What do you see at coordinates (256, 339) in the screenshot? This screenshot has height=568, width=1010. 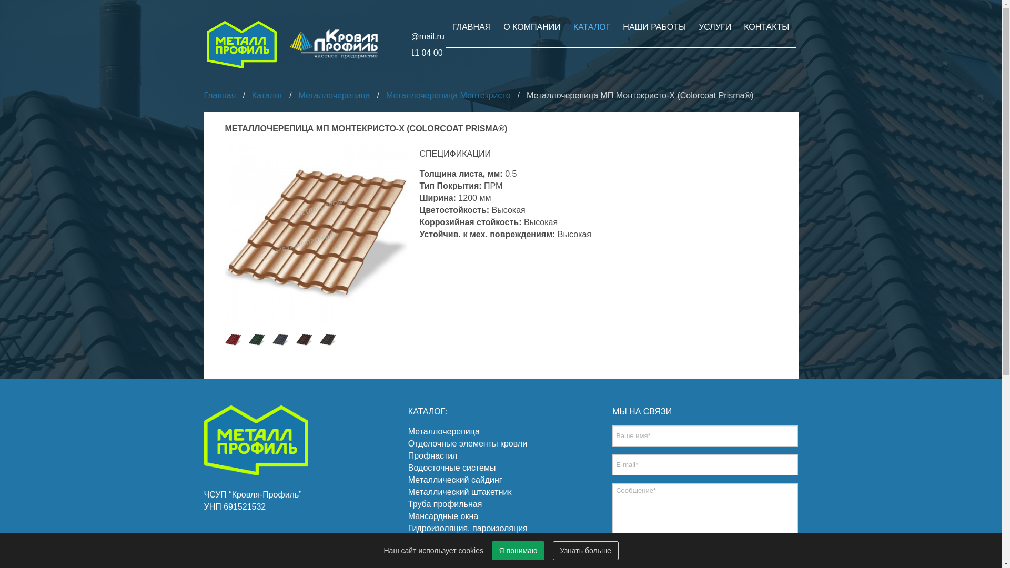 I see `'Montecristo 6005'` at bounding box center [256, 339].